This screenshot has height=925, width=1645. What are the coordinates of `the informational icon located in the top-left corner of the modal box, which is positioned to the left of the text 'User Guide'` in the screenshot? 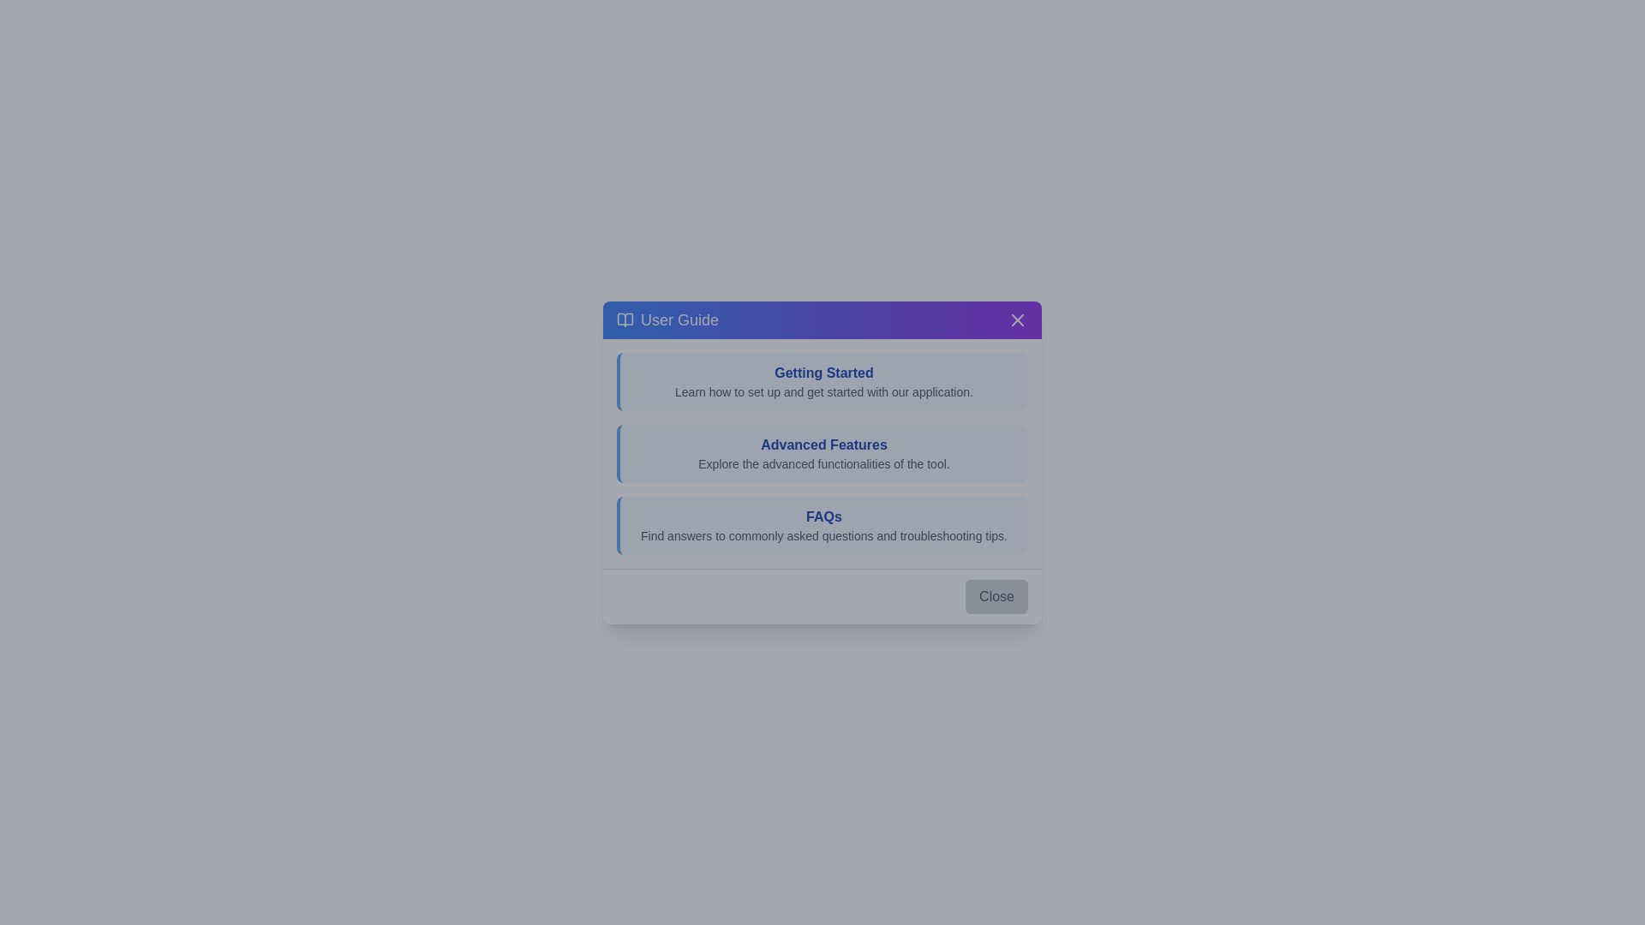 It's located at (624, 319).